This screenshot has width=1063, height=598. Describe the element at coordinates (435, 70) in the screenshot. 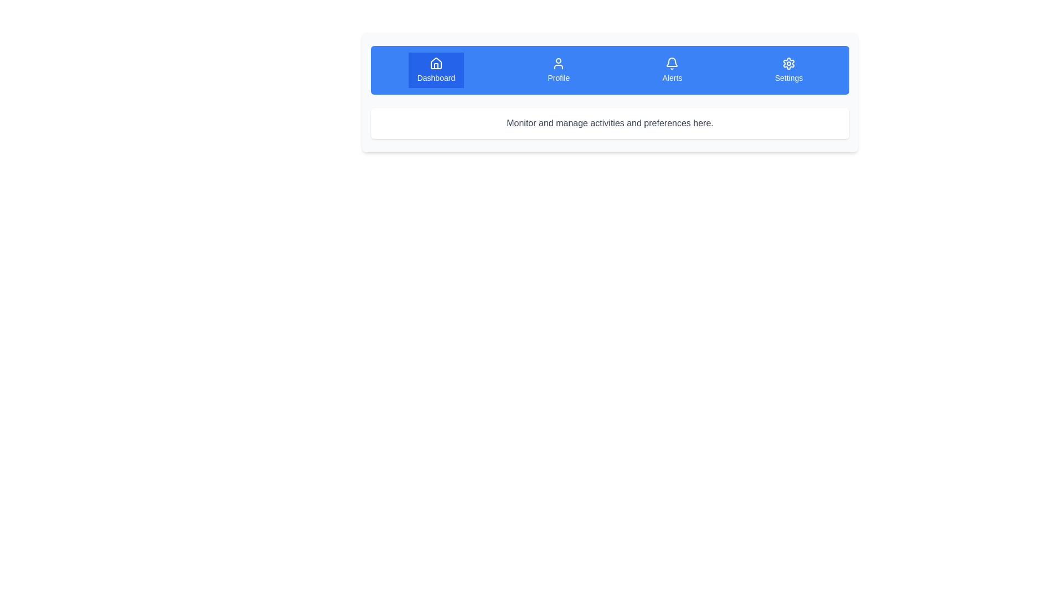

I see `the first button from the left in the horizontal navigation bar labeled 'Dashboard' to trigger a visual response` at that location.